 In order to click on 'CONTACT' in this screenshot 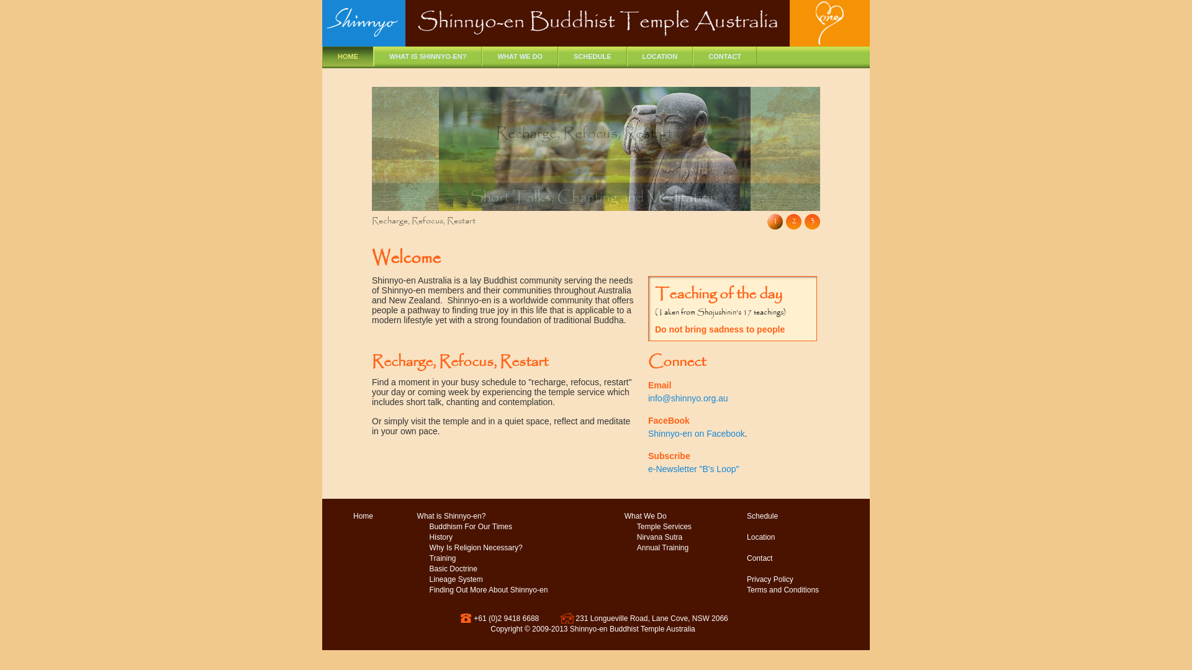, I will do `click(725, 56)`.